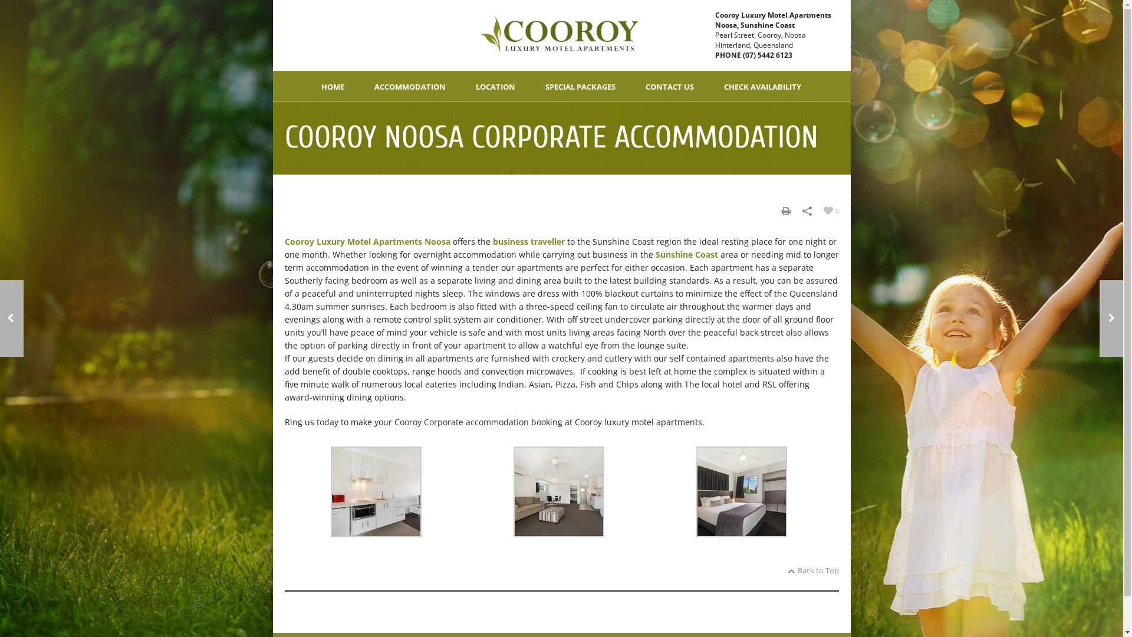 The height and width of the screenshot is (637, 1132). What do you see at coordinates (822, 209) in the screenshot?
I see `'0'` at bounding box center [822, 209].